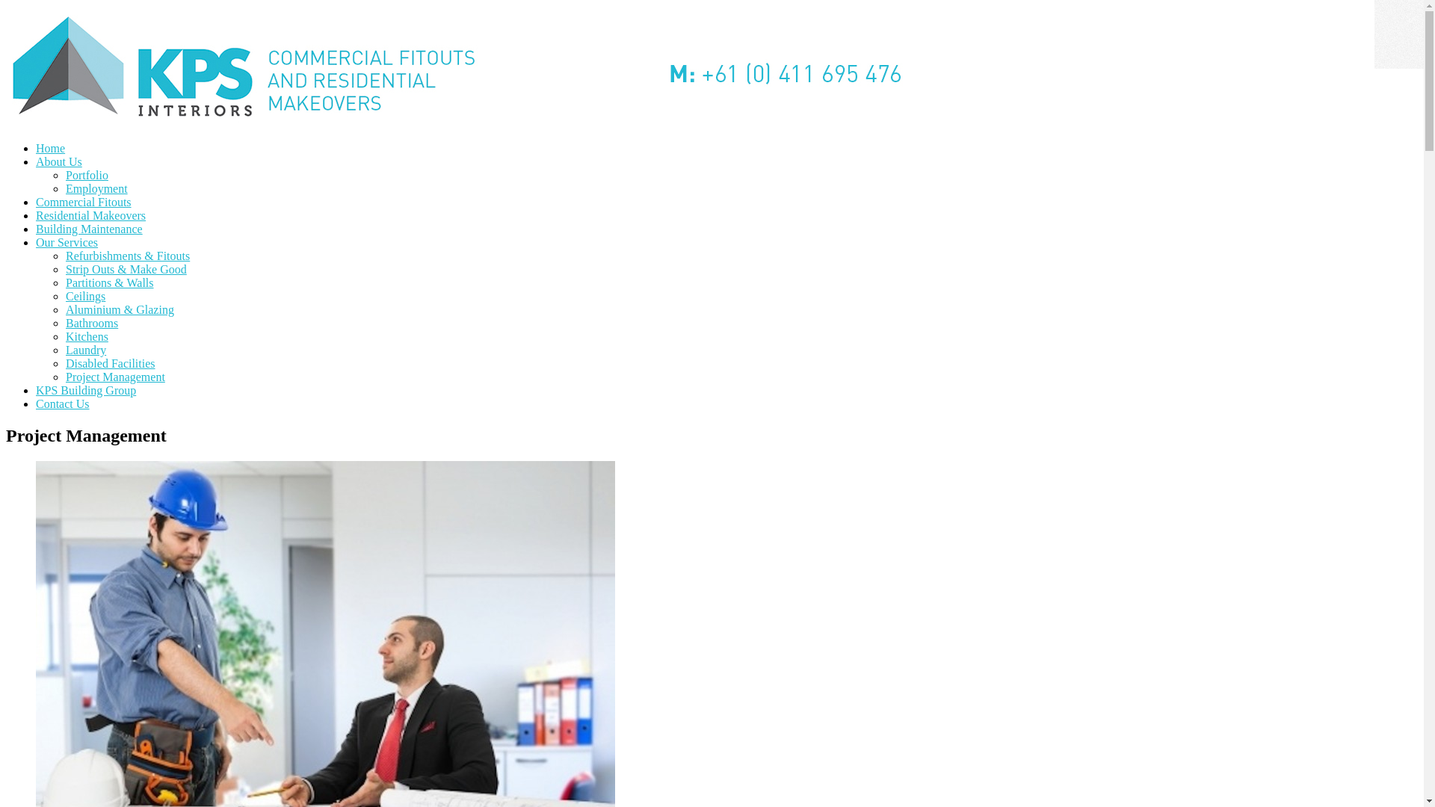 The width and height of the screenshot is (1435, 807). Describe the element at coordinates (64, 309) in the screenshot. I see `'Aluminium & Glazing'` at that location.